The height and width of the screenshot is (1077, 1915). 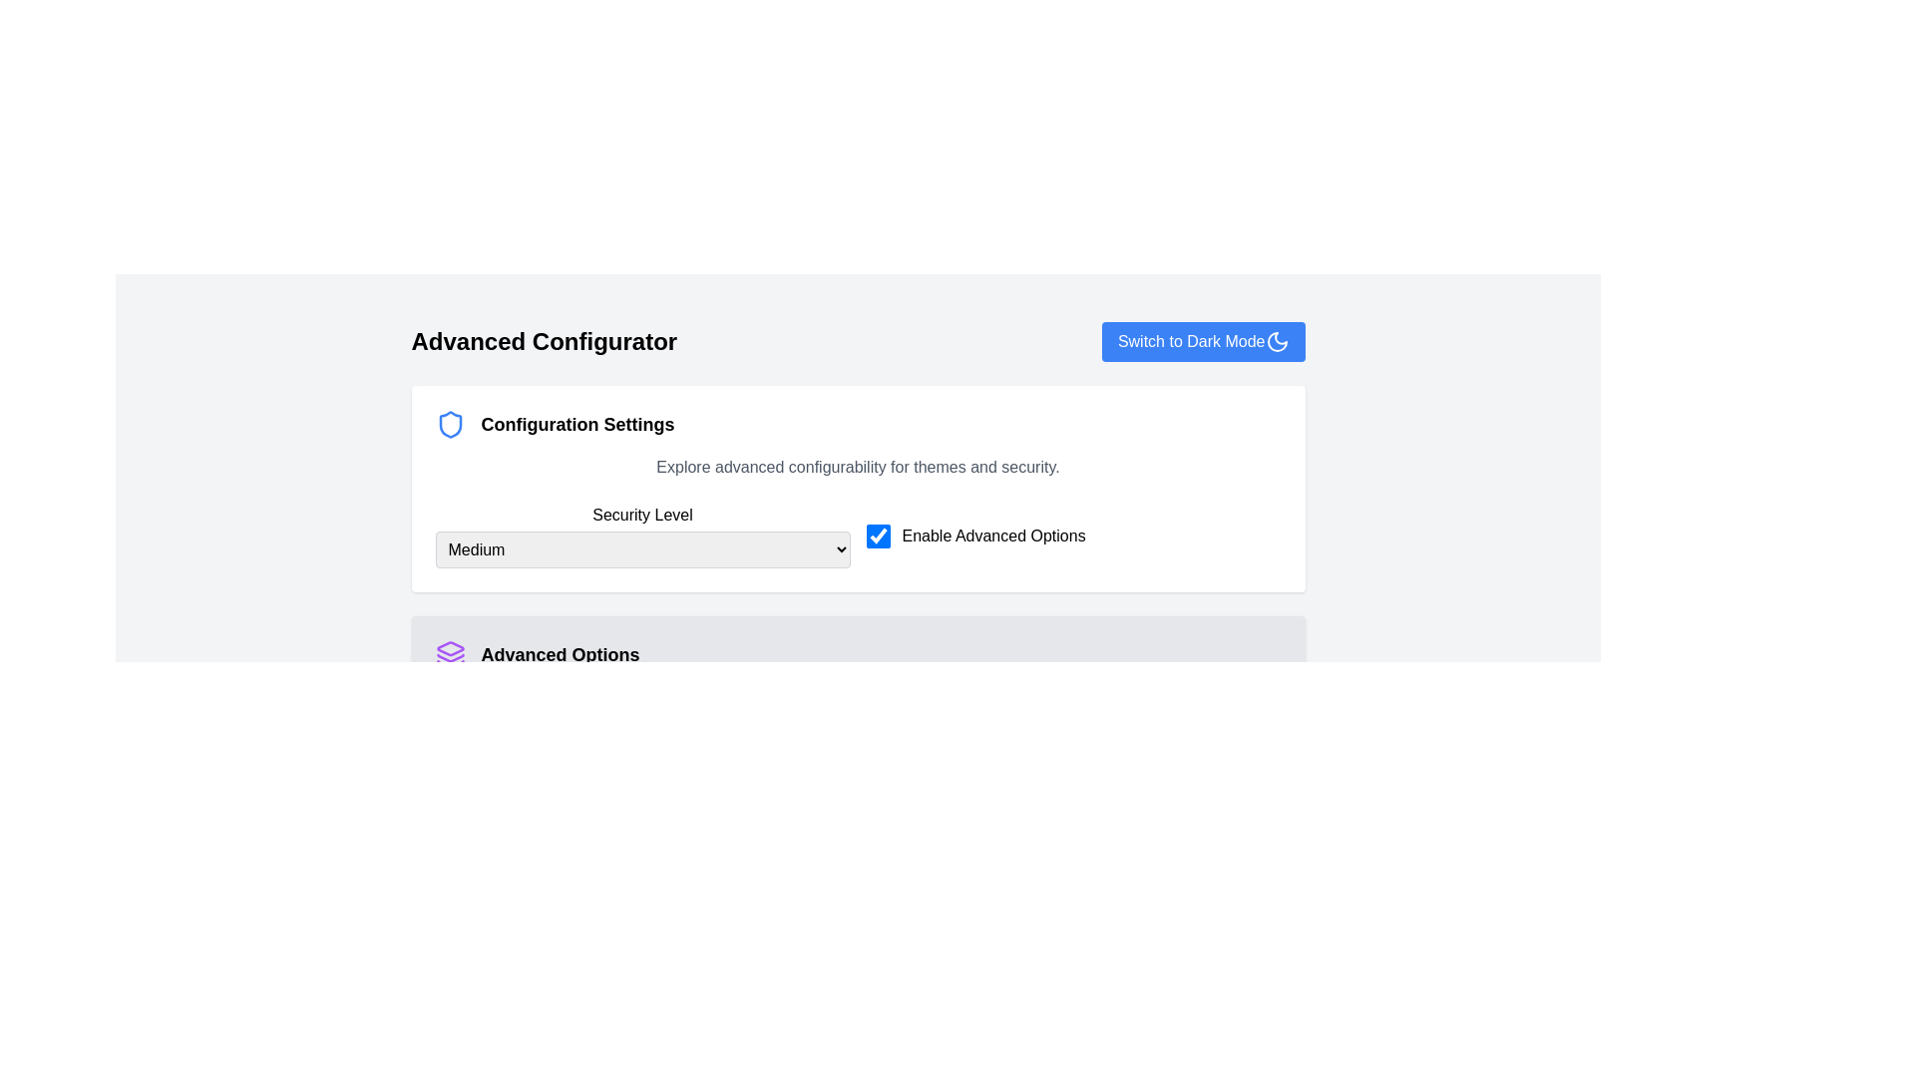 I want to click on the 'Advanced Options' text label, which is located to the right of a purple icon in the lower section of the interface, below a configuration setting area, so click(x=559, y=654).